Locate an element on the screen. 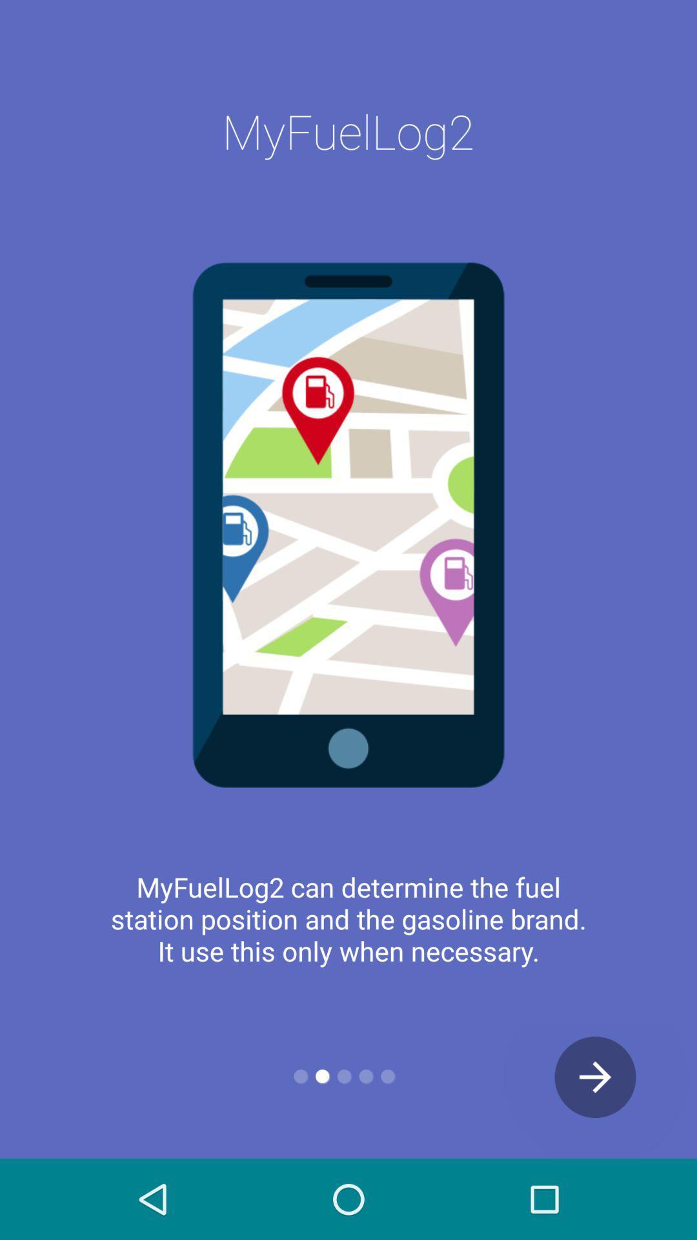 Image resolution: width=697 pixels, height=1240 pixels. the arrow_forward icon is located at coordinates (595, 1077).